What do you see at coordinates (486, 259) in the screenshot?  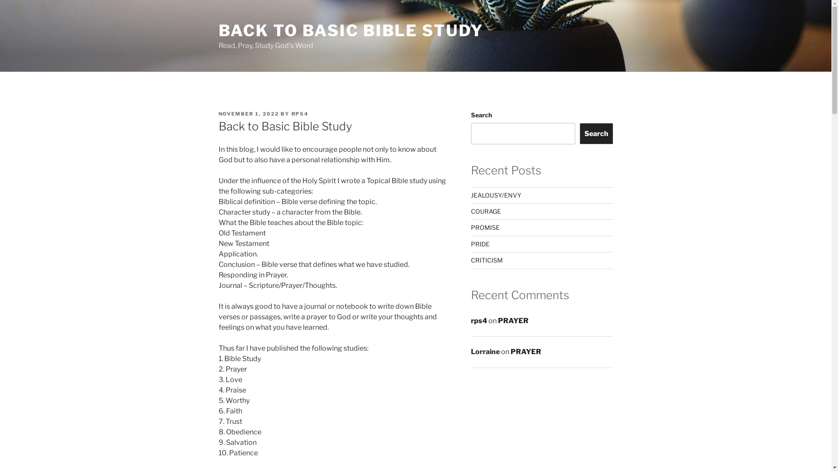 I see `'CRITICISM'` at bounding box center [486, 259].